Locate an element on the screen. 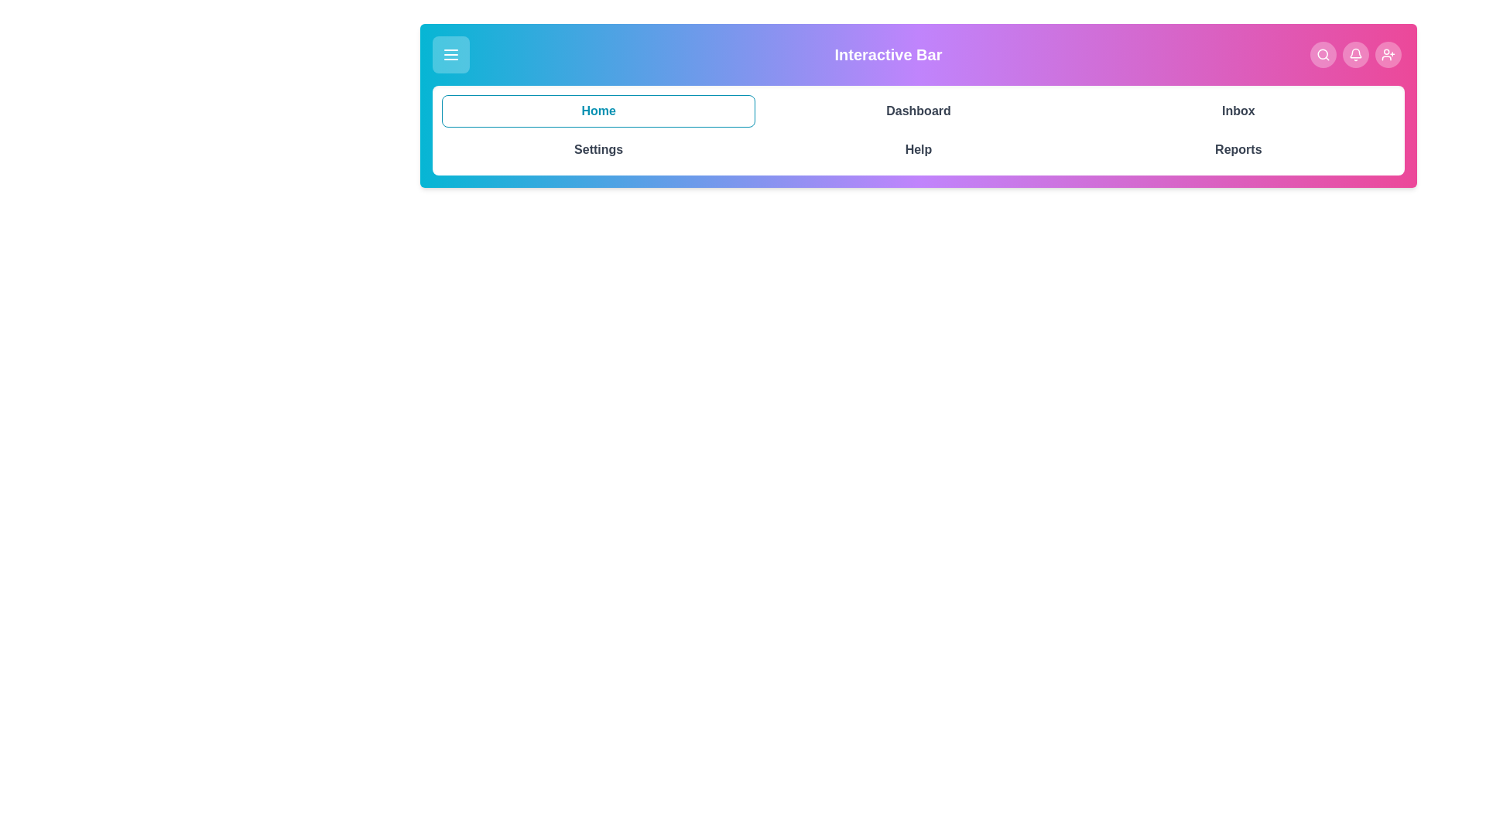  the navigation tab labeled Help is located at coordinates (918, 149).